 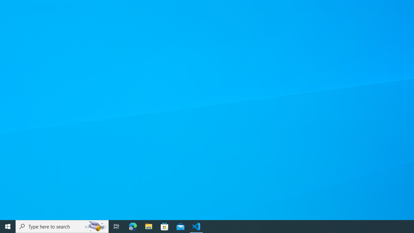 What do you see at coordinates (62, 226) in the screenshot?
I see `'Type here to search'` at bounding box center [62, 226].